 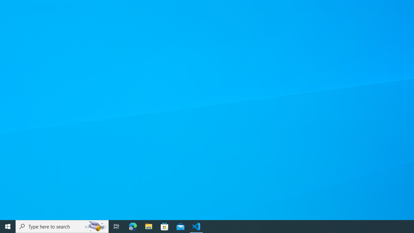 What do you see at coordinates (62, 226) in the screenshot?
I see `'Type here to search'` at bounding box center [62, 226].